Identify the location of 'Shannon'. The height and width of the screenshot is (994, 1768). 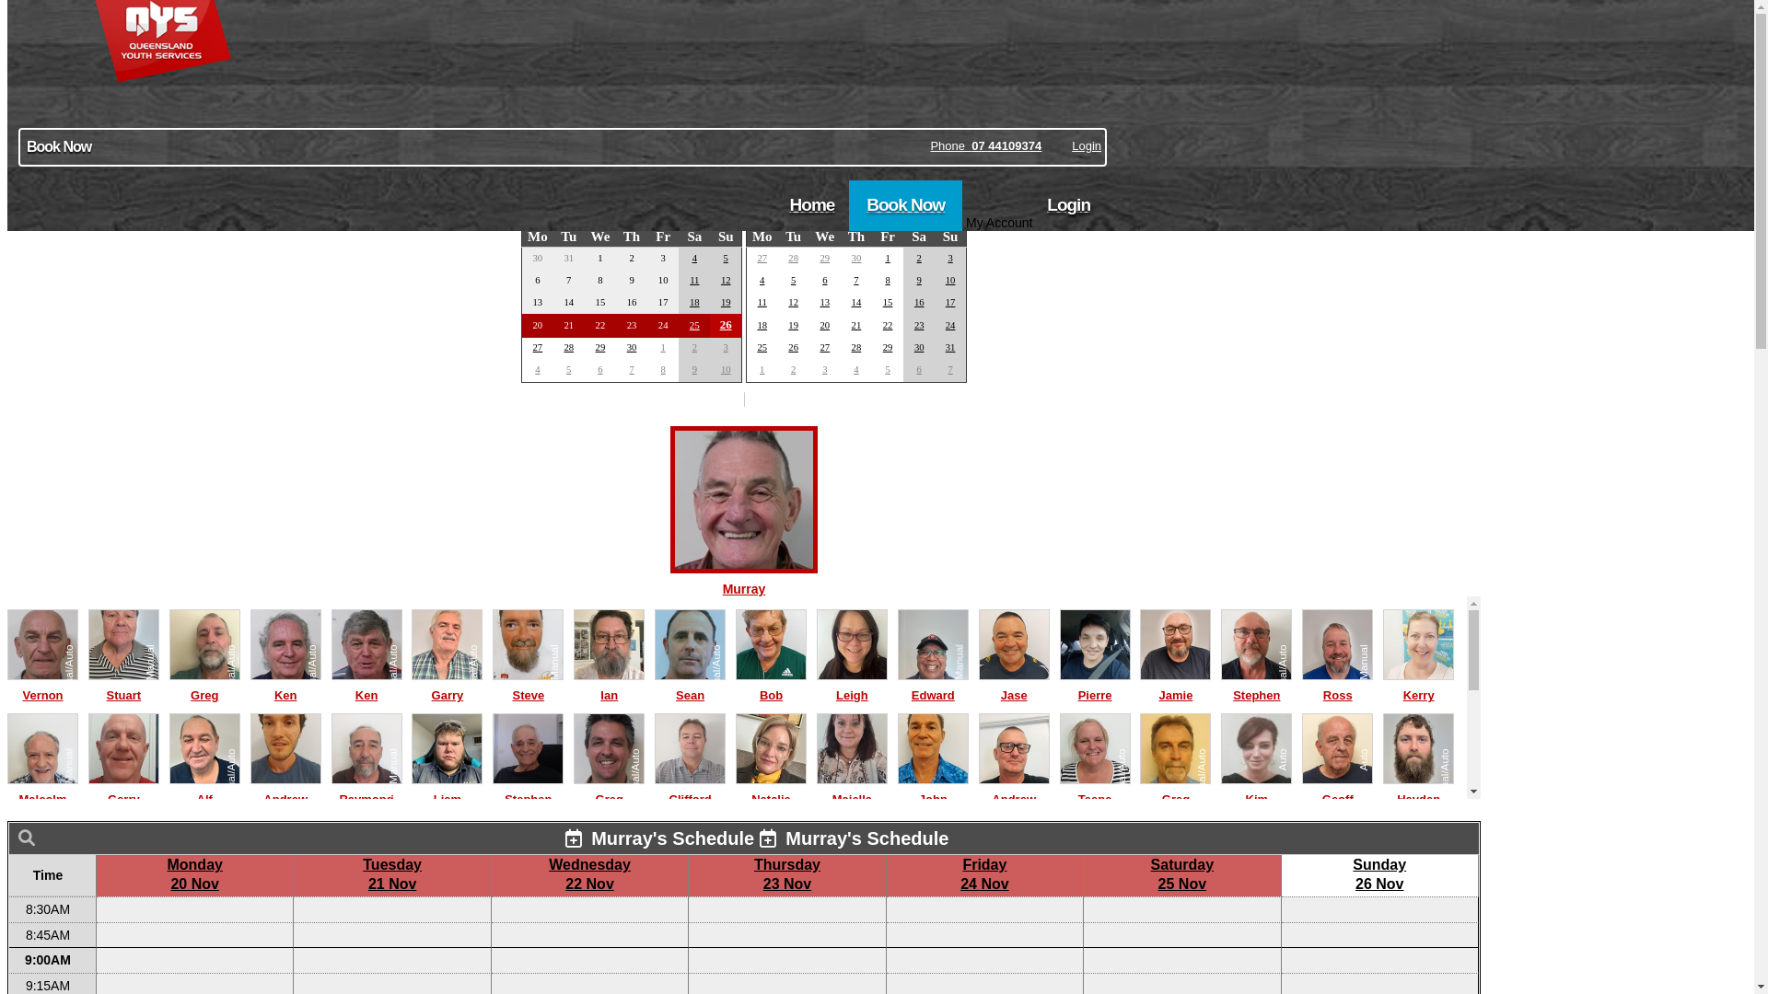
(933, 893).